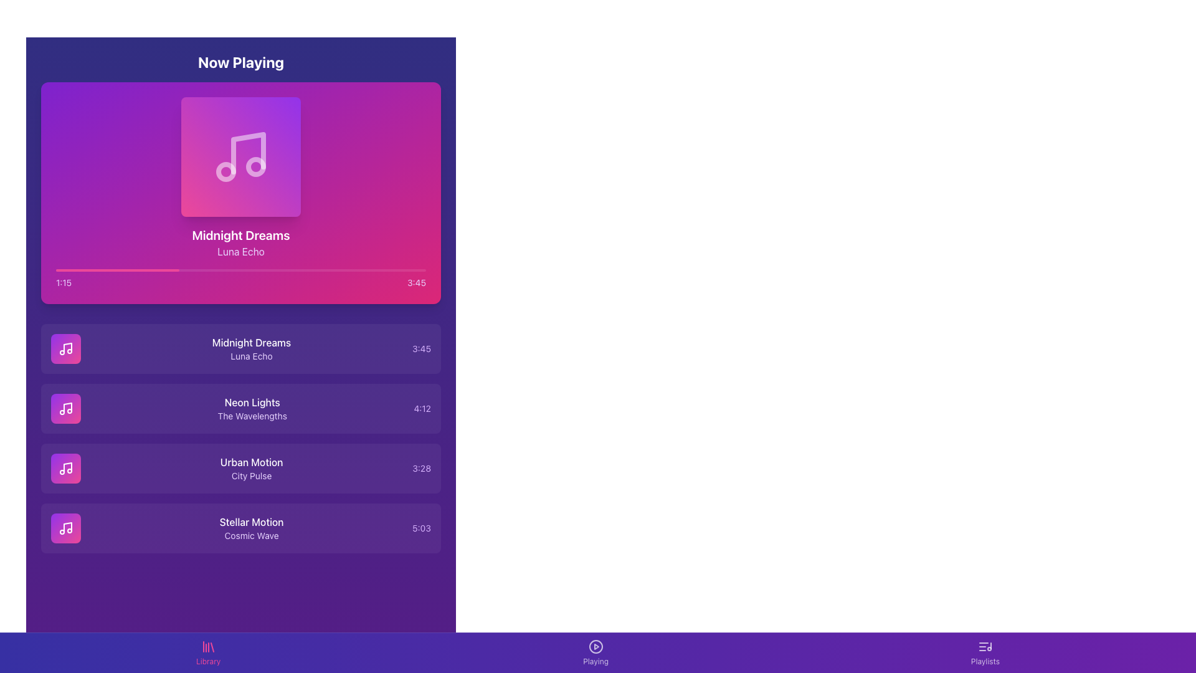 Image resolution: width=1196 pixels, height=673 pixels. What do you see at coordinates (65, 408) in the screenshot?
I see `the square icon with a gradient background transitioning from purple to pink, featuring a white musical note symbol in the center` at bounding box center [65, 408].